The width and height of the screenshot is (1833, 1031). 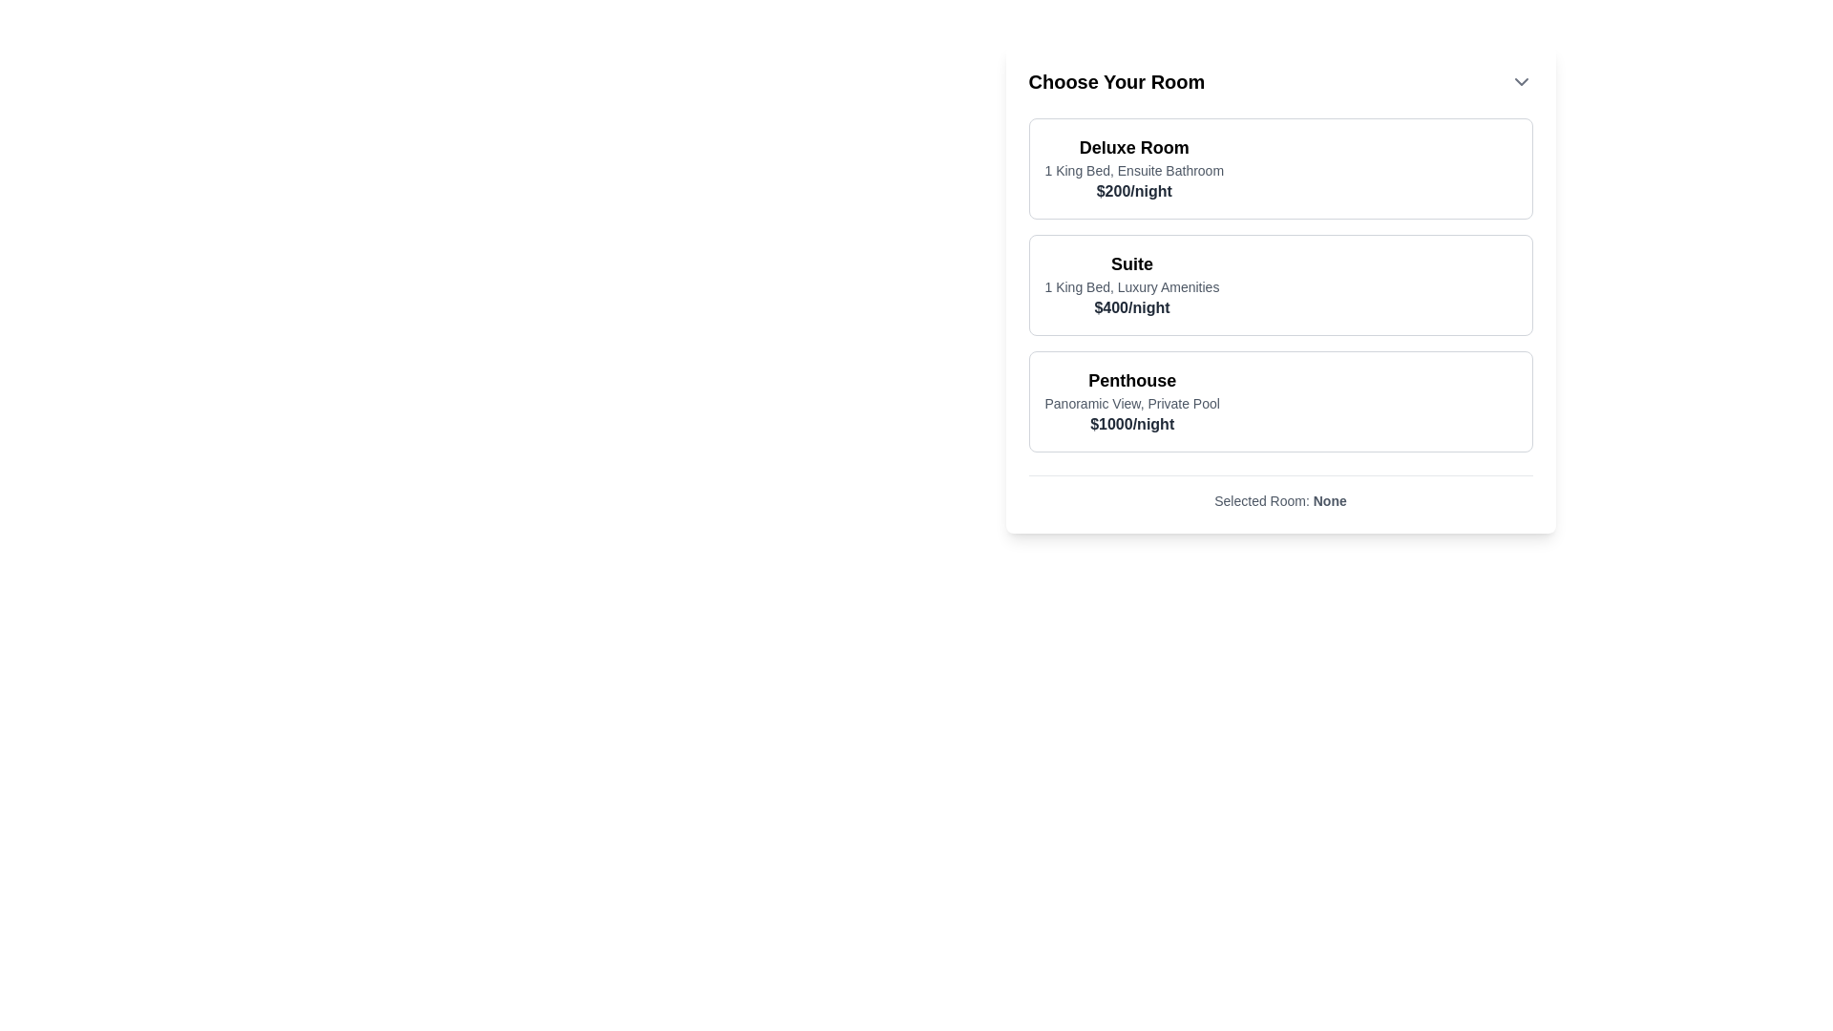 I want to click on the price indicator text for the 'Penthouse' room option, which is located below the description 'Panoramic View, Private Pool', so click(x=1132, y=423).